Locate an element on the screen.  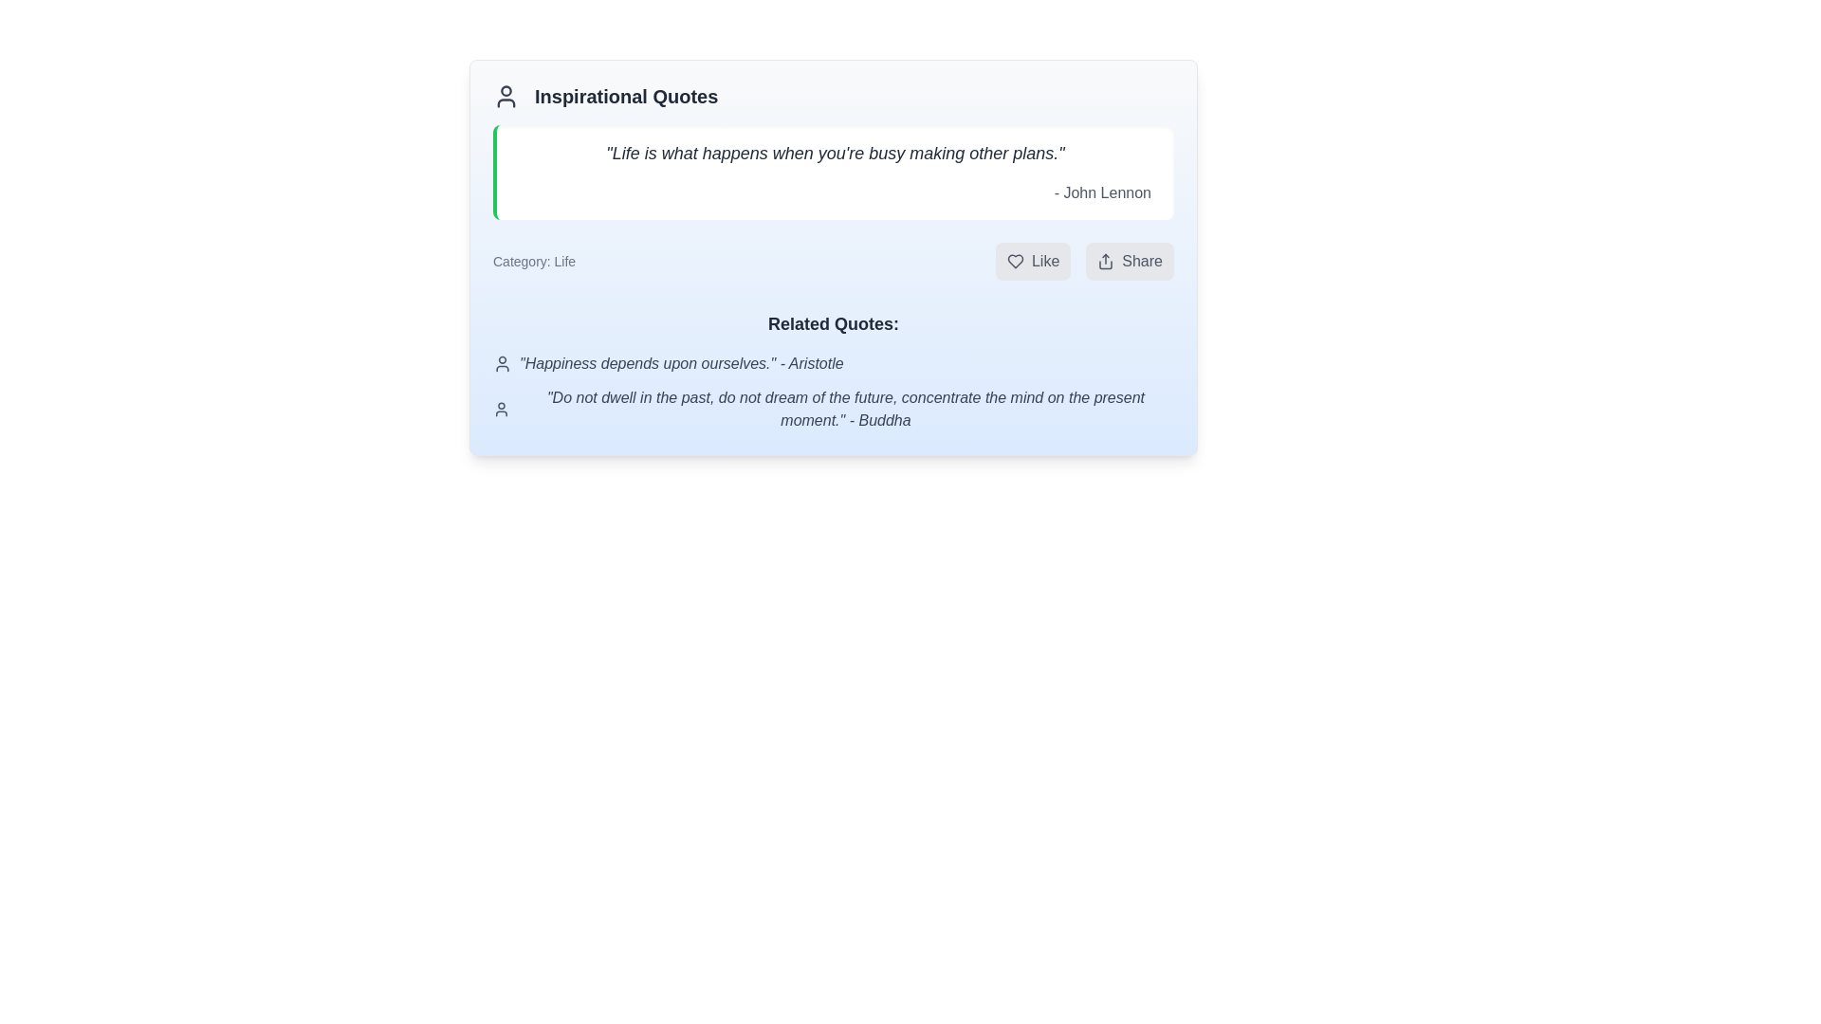
the share icon, which features a box with an upwards arrow, located between the 'Like' button and the 'Share' text label at the bottom-right of the main quote card is located at coordinates (1106, 262).